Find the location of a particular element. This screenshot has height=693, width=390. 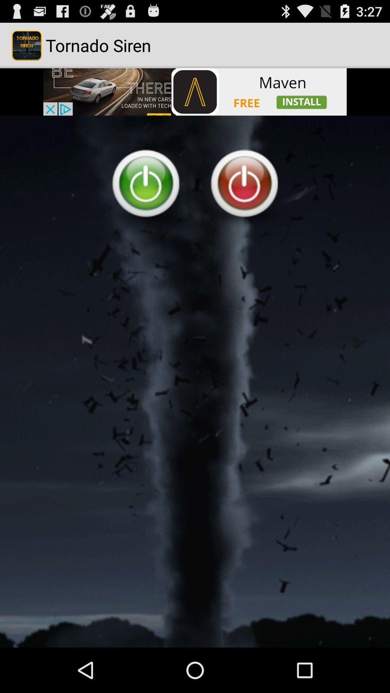

open the advertisement is located at coordinates (195, 91).